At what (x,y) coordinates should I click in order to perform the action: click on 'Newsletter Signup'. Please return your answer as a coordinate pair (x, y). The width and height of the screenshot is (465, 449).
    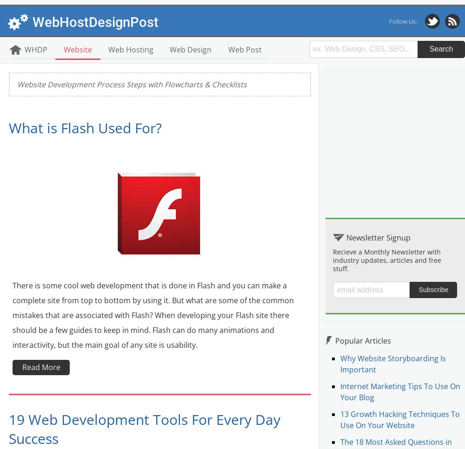
    Looking at the image, I should click on (378, 236).